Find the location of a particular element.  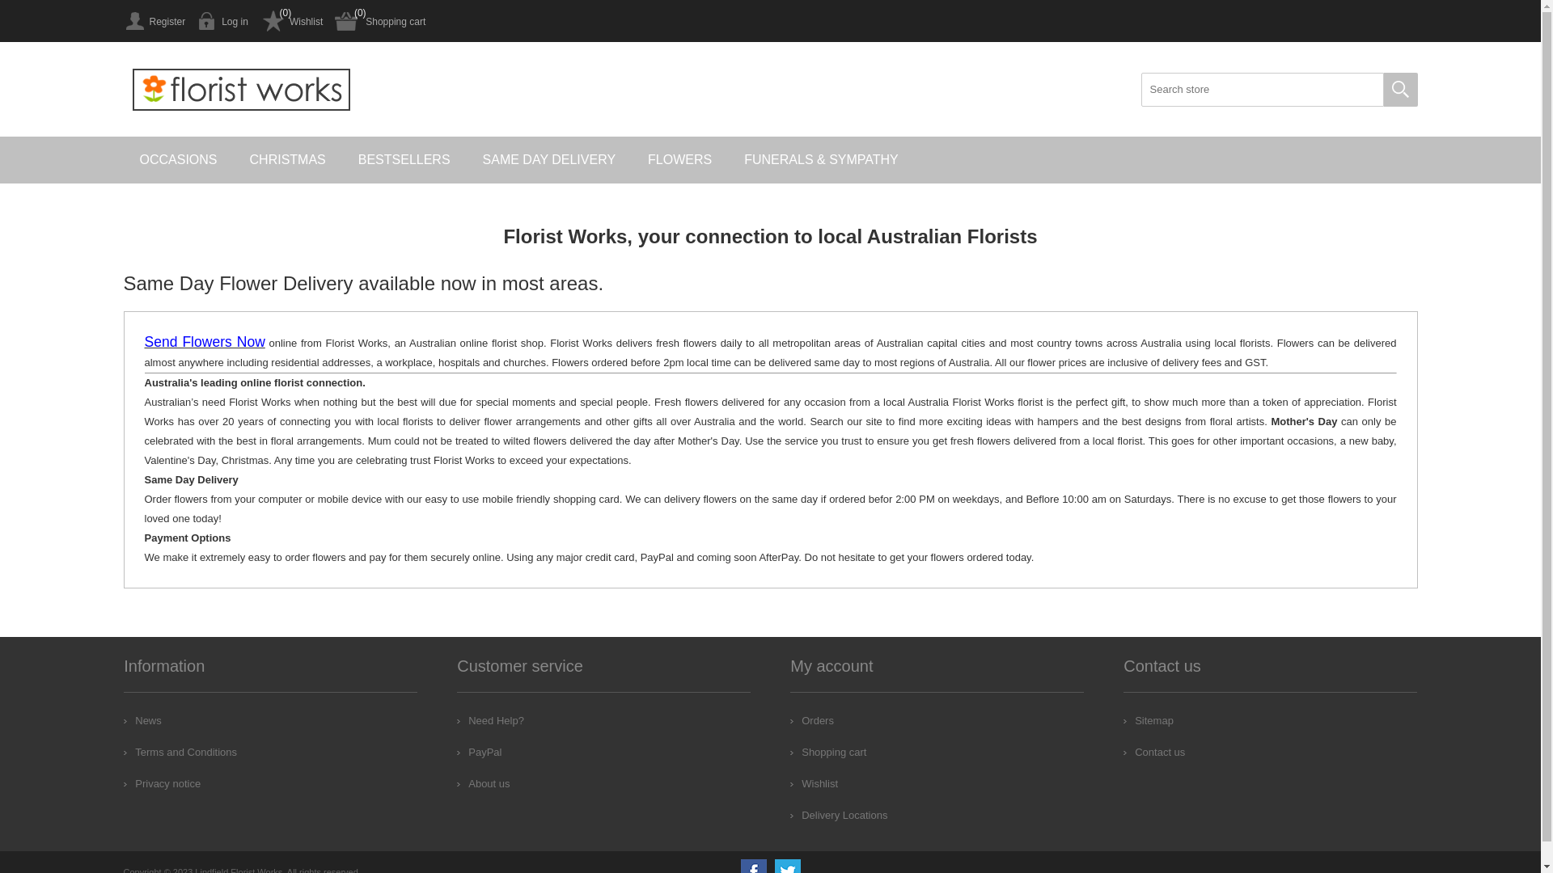

'SAME DAY DELIVERY' is located at coordinates (549, 159).